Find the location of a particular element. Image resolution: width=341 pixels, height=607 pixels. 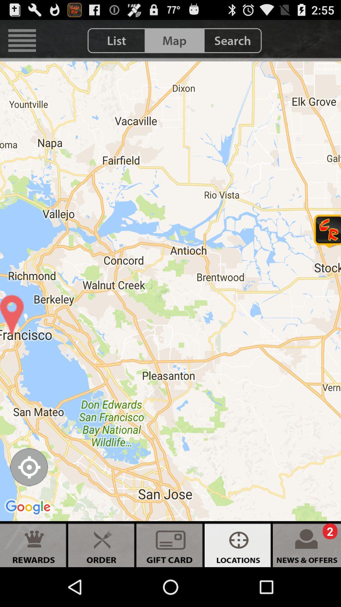

icon next to the list icon is located at coordinates (22, 40).